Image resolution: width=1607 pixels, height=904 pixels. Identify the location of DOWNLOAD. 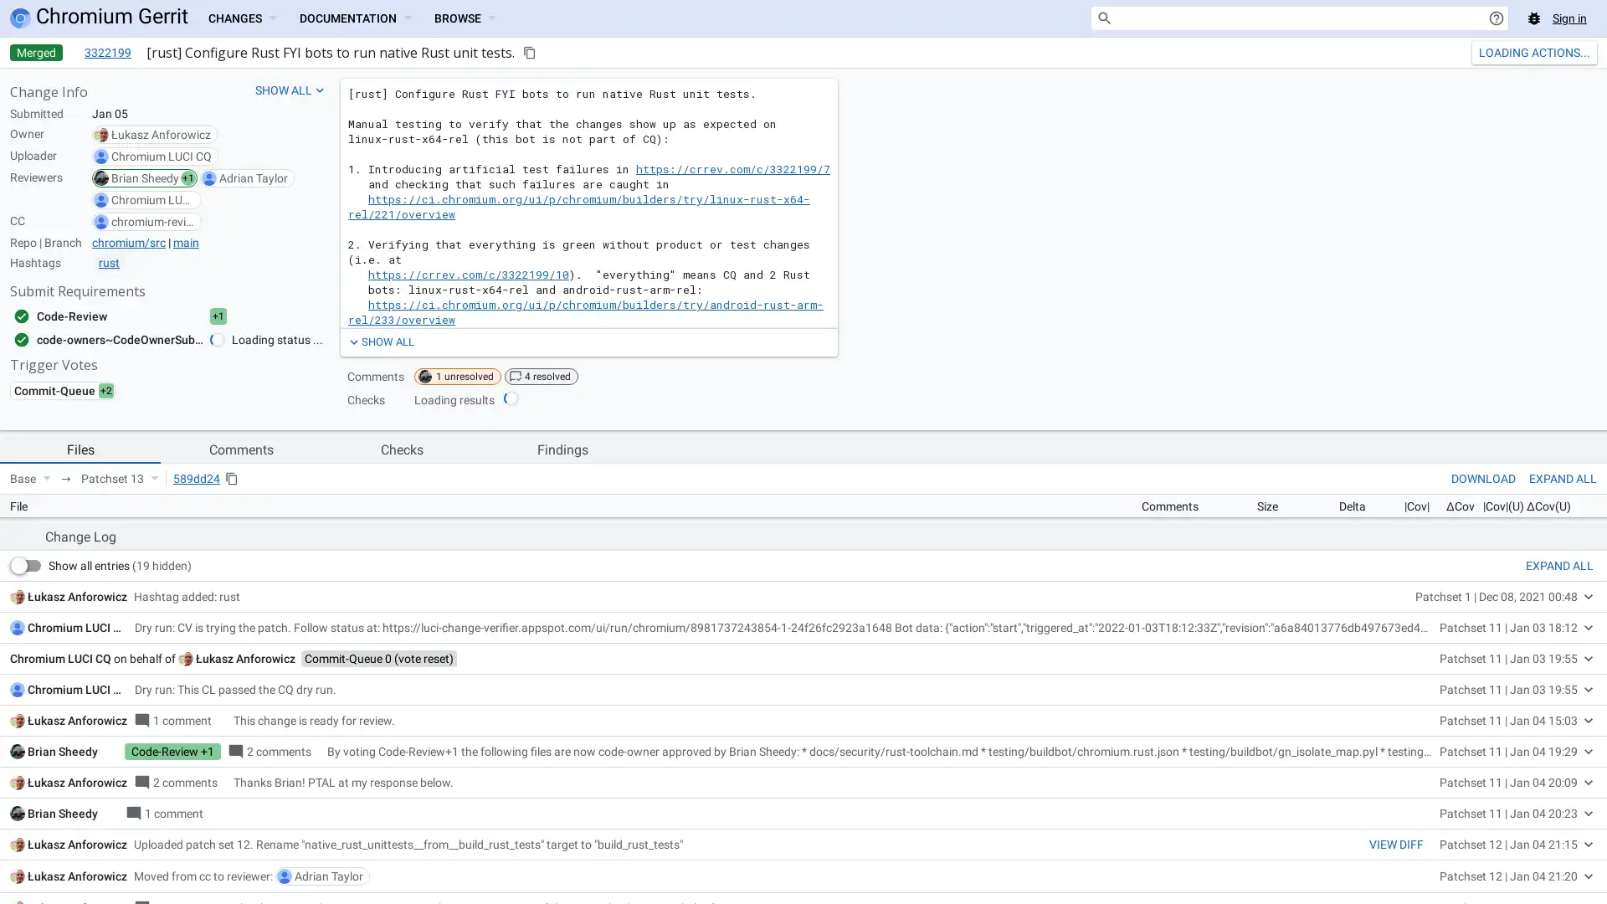
(1483, 478).